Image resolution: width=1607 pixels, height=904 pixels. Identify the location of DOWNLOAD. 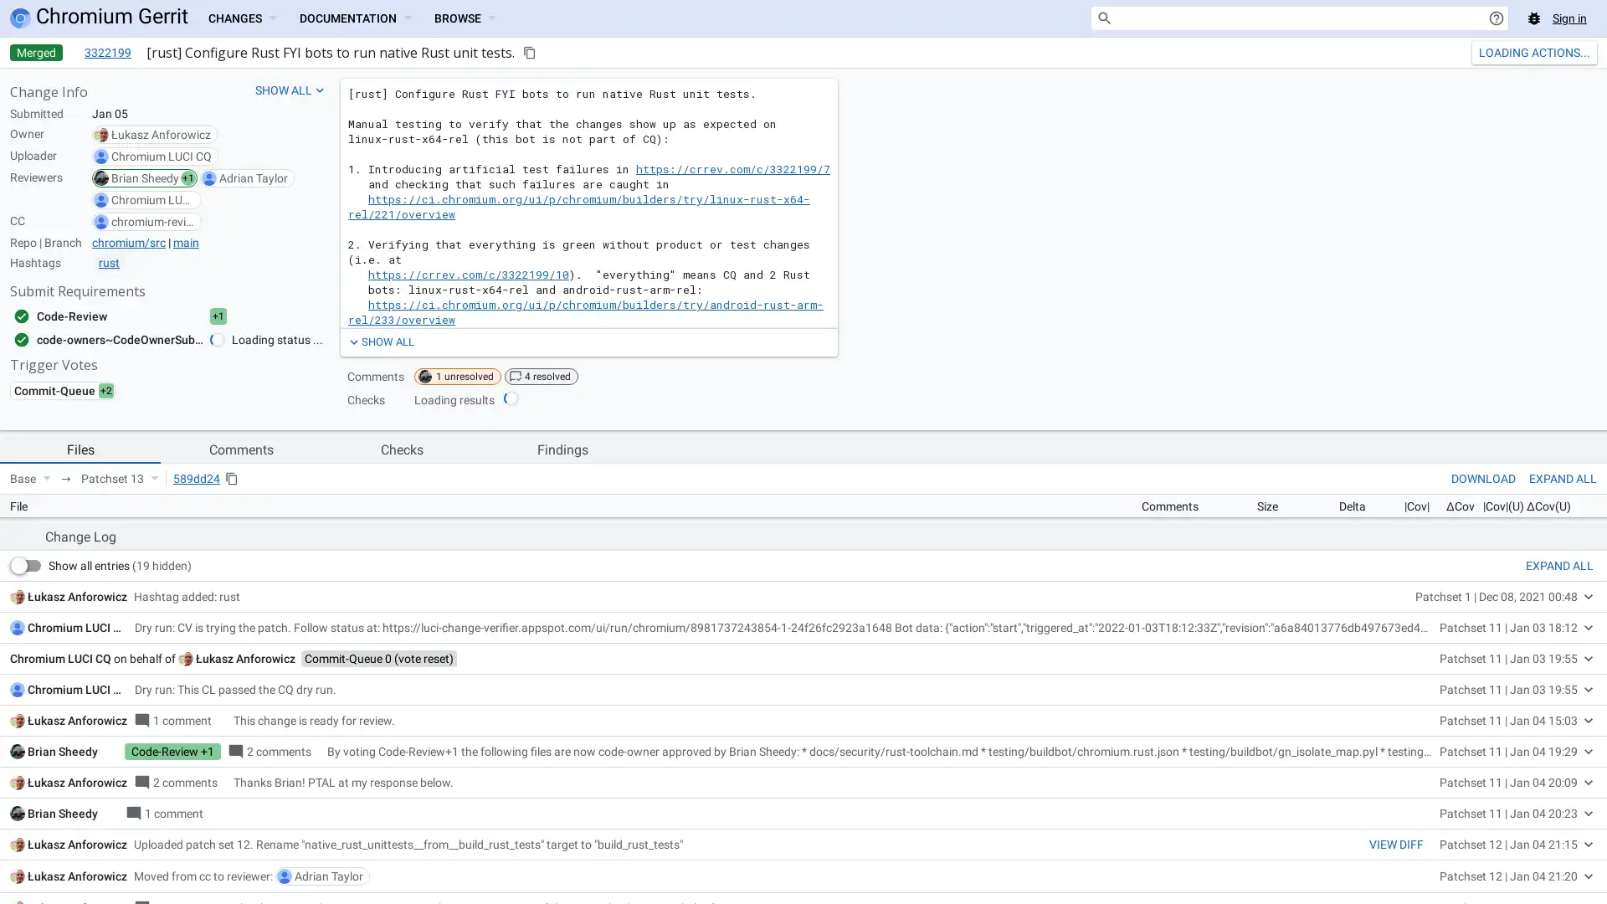
(1483, 478).